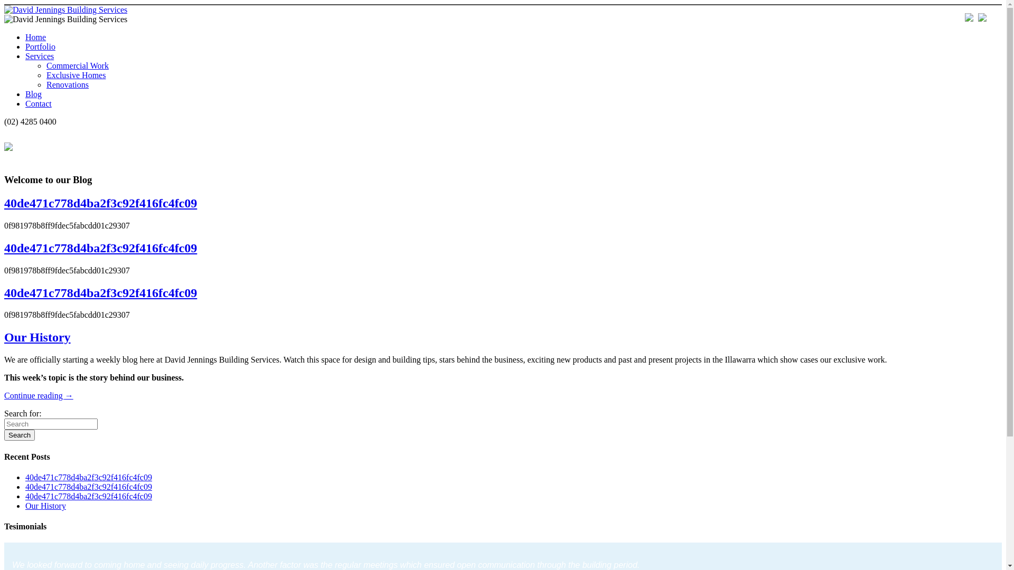 This screenshot has width=1014, height=570. What do you see at coordinates (20, 435) in the screenshot?
I see `'Search'` at bounding box center [20, 435].